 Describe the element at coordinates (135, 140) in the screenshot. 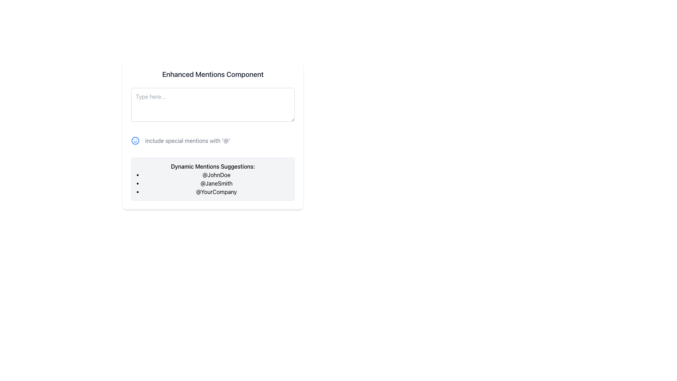

I see `the circular blue smiling face icon located to the left of the text 'Include special mentions with '@''` at that location.